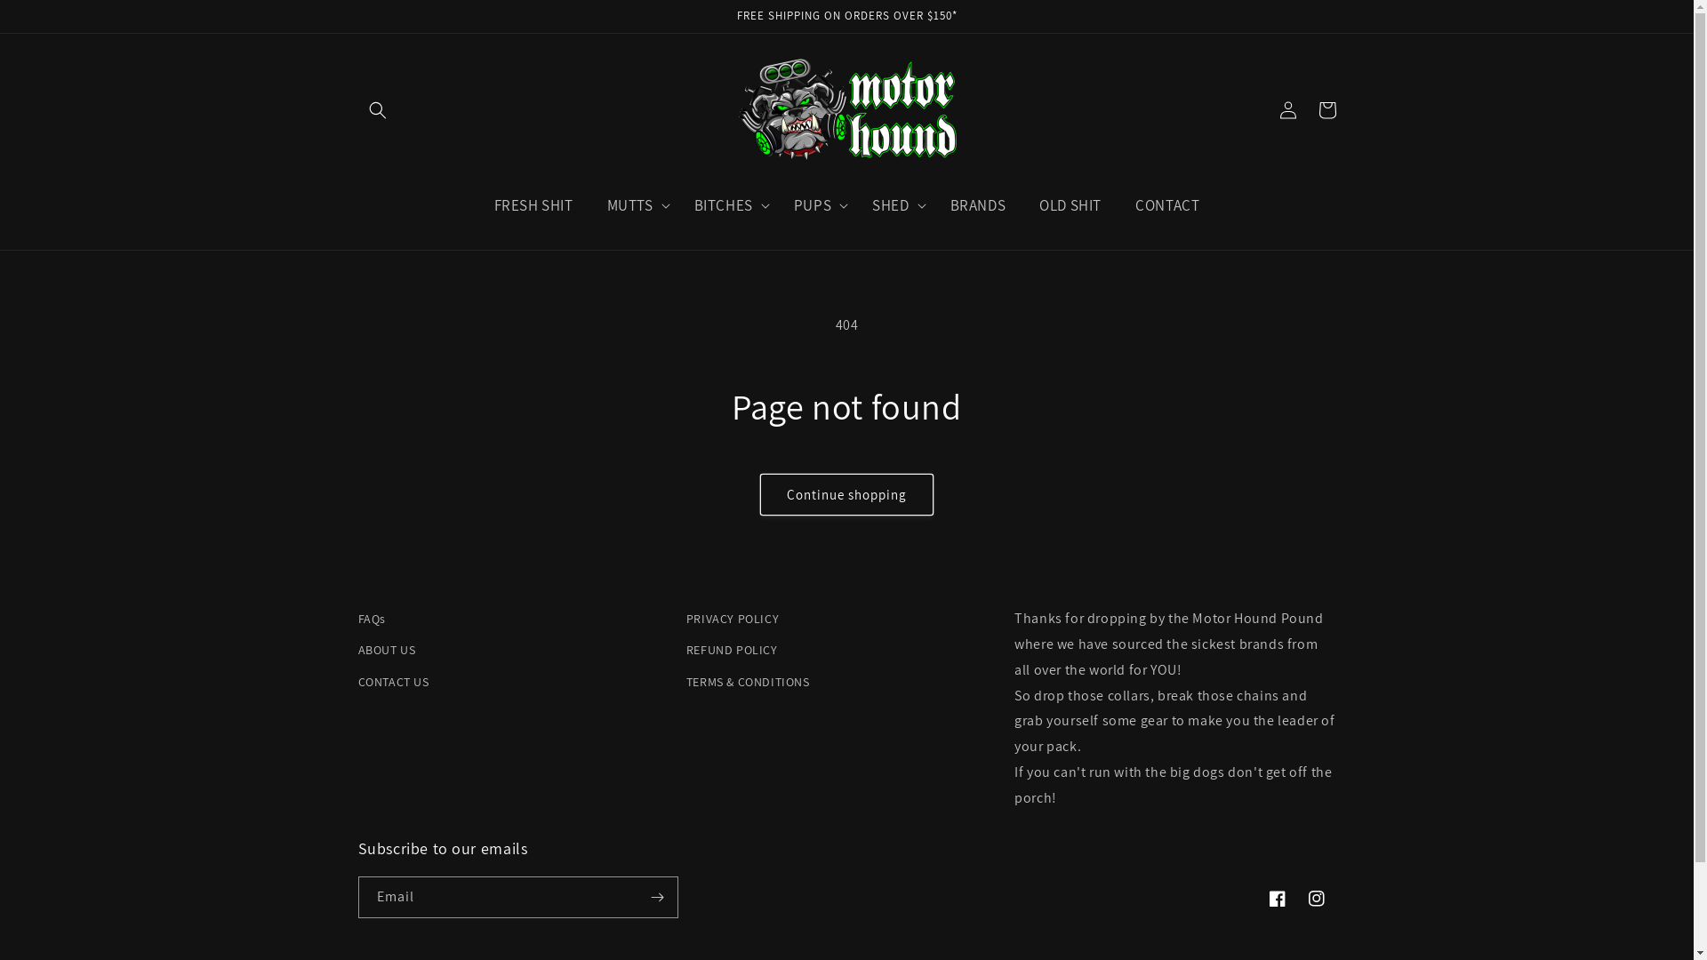 The image size is (1707, 960). Describe the element at coordinates (1326, 109) in the screenshot. I see `'Cart'` at that location.